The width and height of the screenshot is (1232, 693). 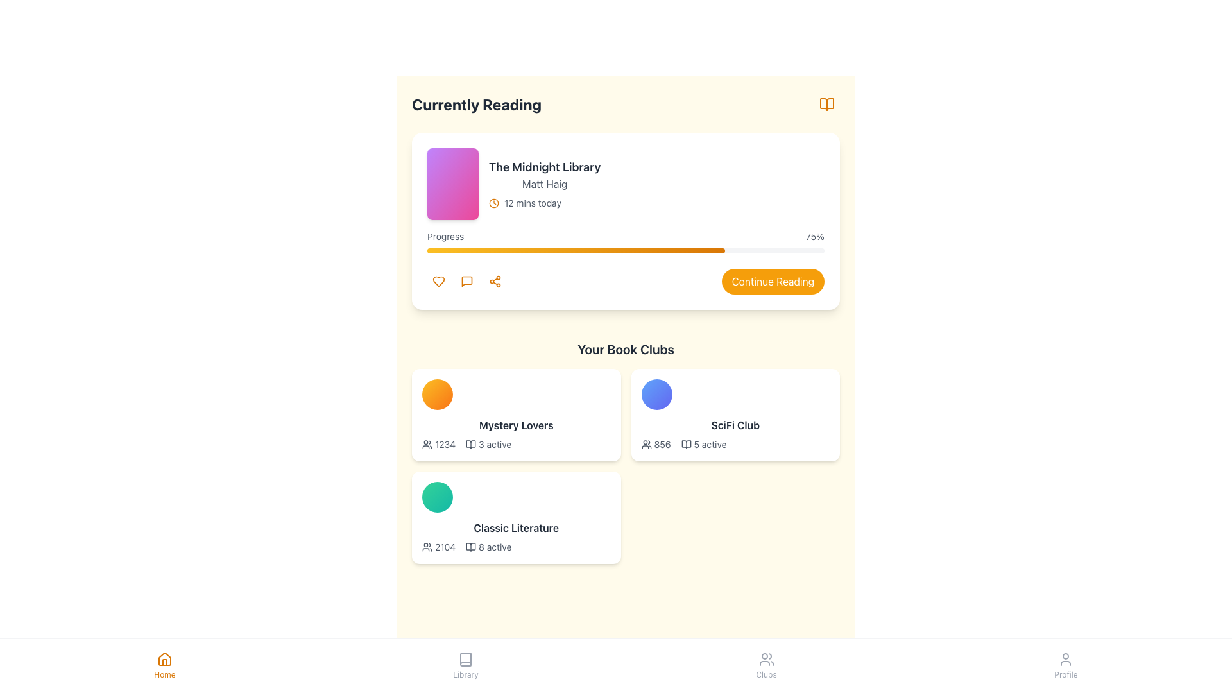 I want to click on user or members indicator icon, which visually accompanies the member count of '856' in the 'SciFi Club' section of 'Your Book Clubs', so click(x=646, y=444).